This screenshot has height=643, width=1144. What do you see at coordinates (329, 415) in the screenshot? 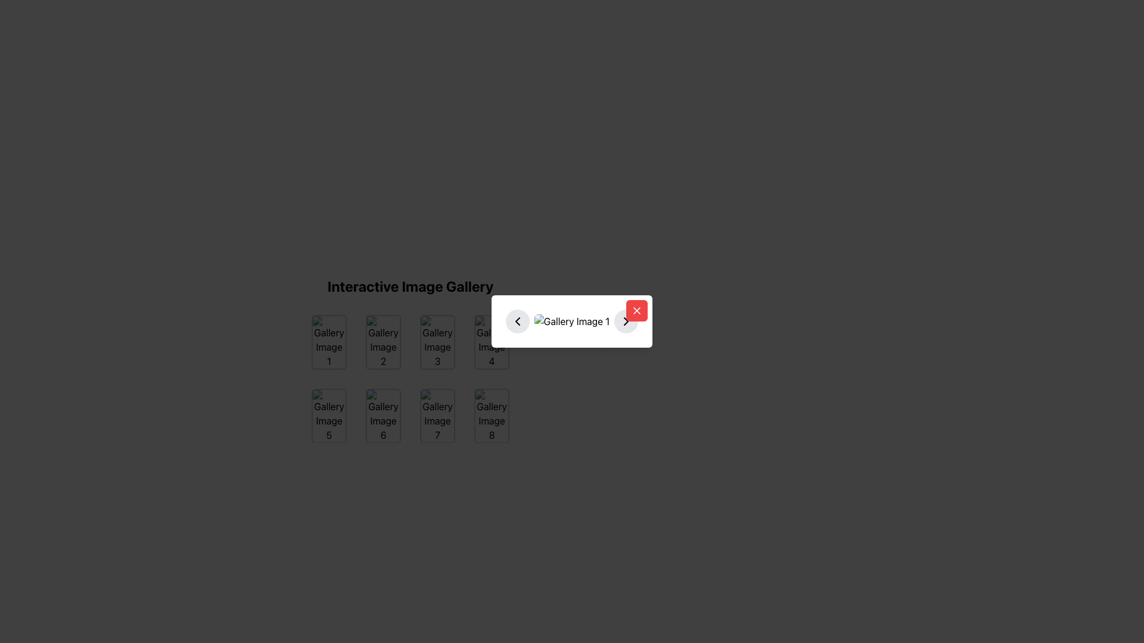
I see `the image thumbnail located in the leftmost column of the second row under 'Interactive Image Gallery'` at bounding box center [329, 415].